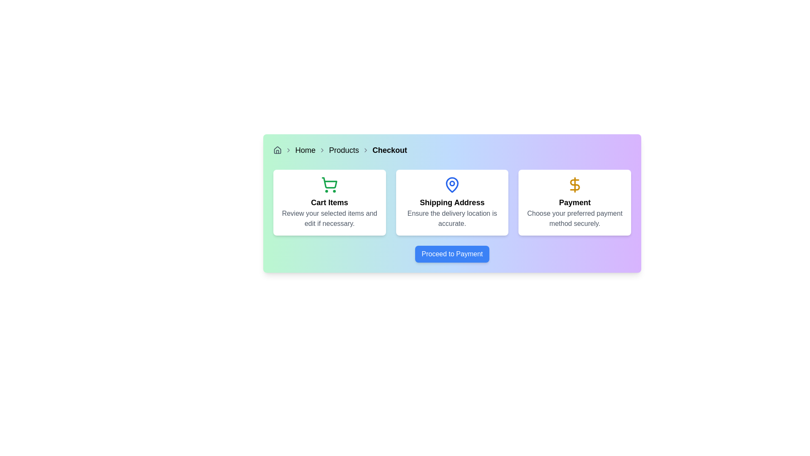 The image size is (810, 456). What do you see at coordinates (574, 185) in the screenshot?
I see `the yellow dollar sign icon, which is centered at the top of the rightmost card in a three-card layout, adjacent to a bold 'Payment' title and descriptive text` at bounding box center [574, 185].